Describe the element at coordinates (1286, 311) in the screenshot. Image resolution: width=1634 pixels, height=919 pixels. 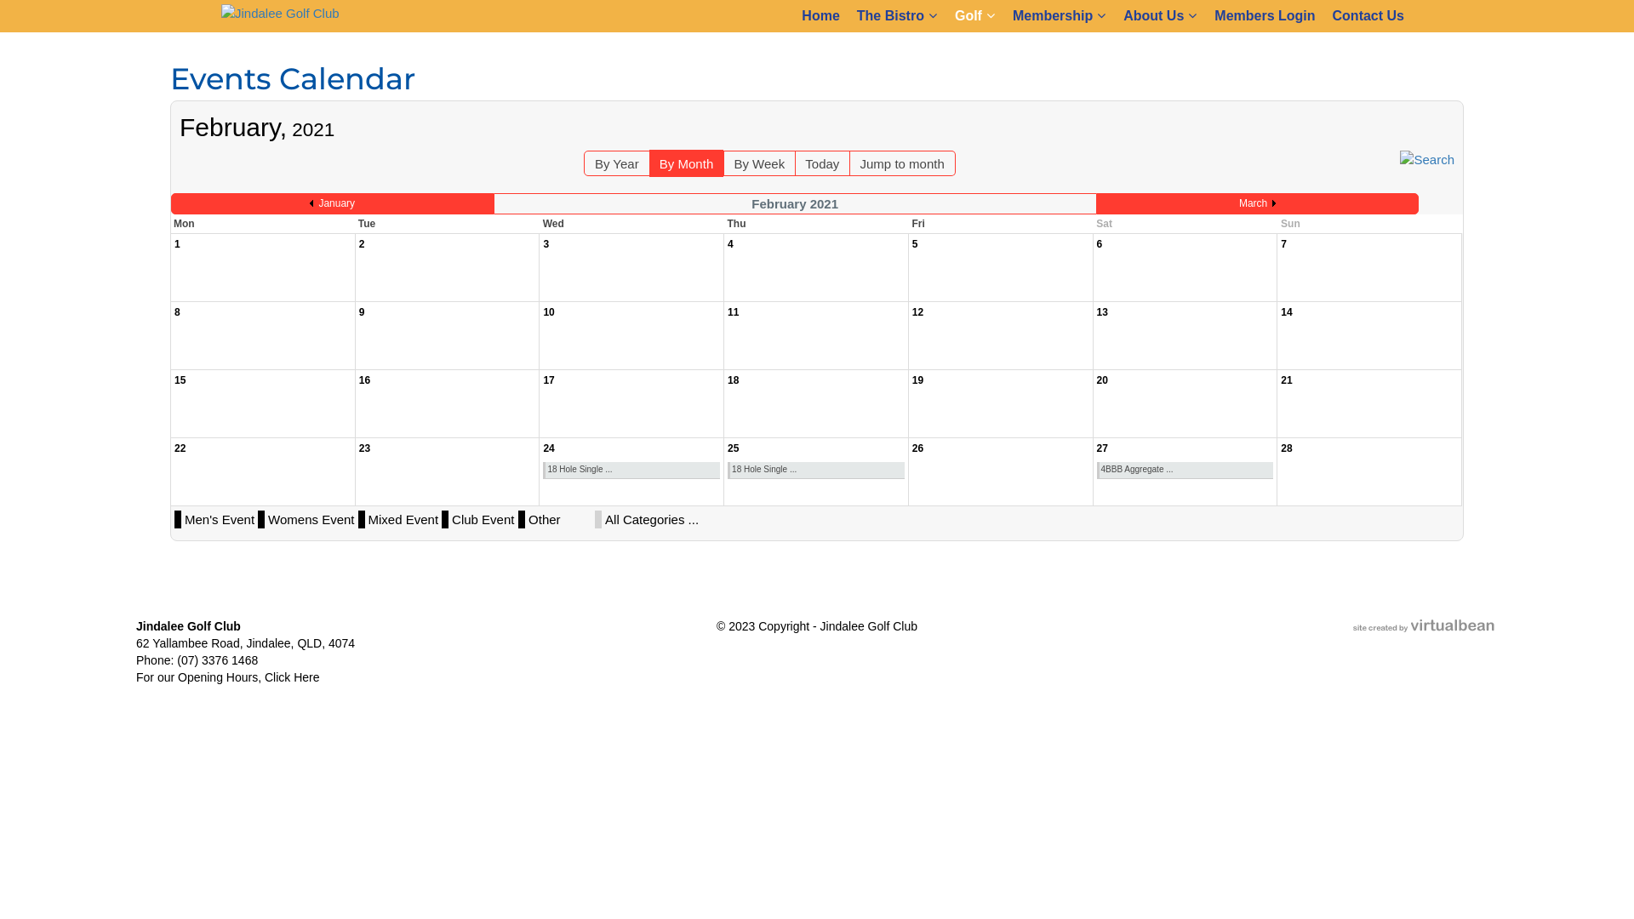
I see `'14'` at that location.